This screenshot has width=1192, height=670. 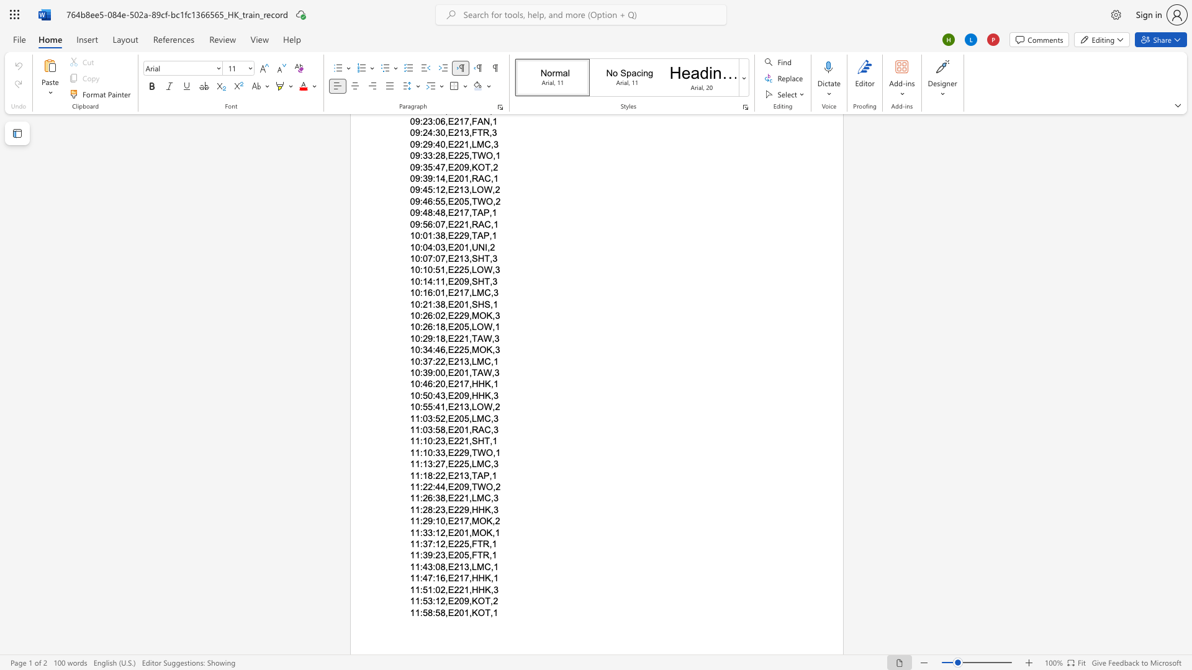 I want to click on the subset text "17," within the text "10:46:20,E217,HHK,1", so click(x=458, y=383).